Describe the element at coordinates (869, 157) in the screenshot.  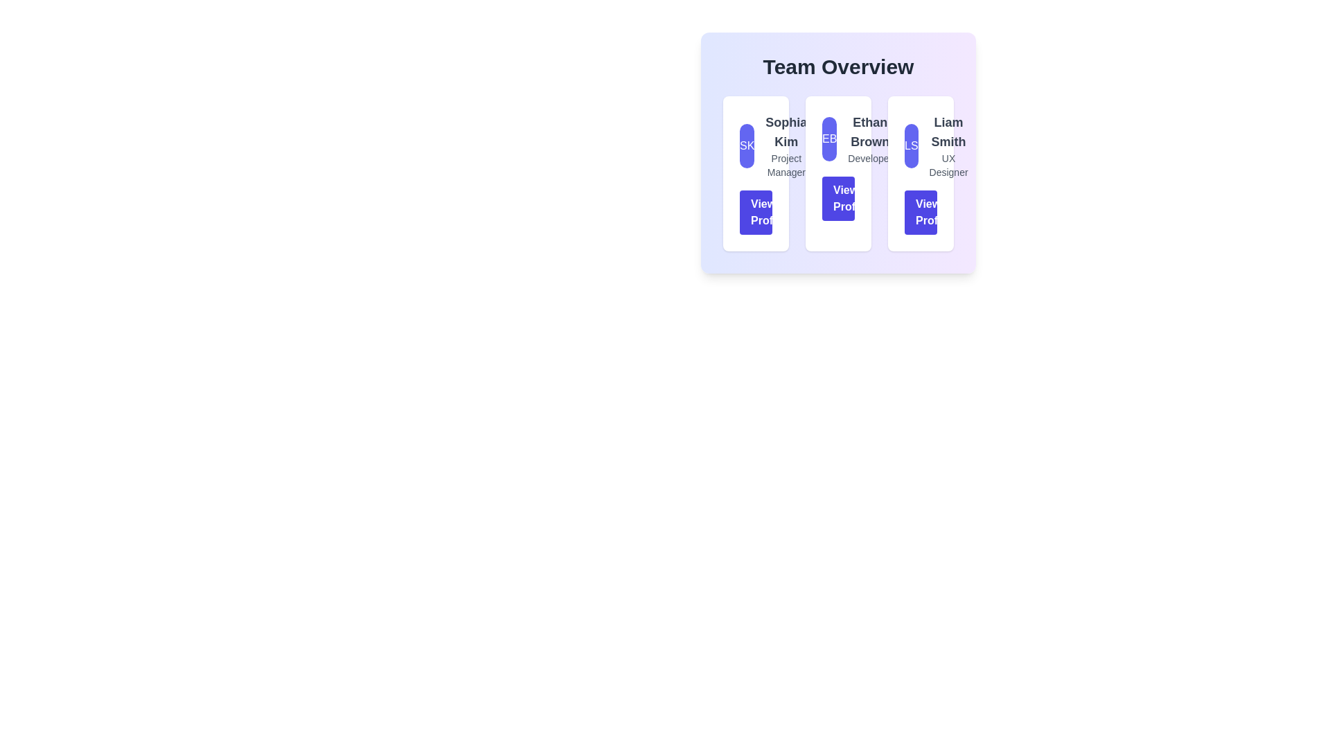
I see `the text label indicating the role 'Developer' for the individual 'Ethan Brown', located in the center column of the 'Team Overview' card` at that location.